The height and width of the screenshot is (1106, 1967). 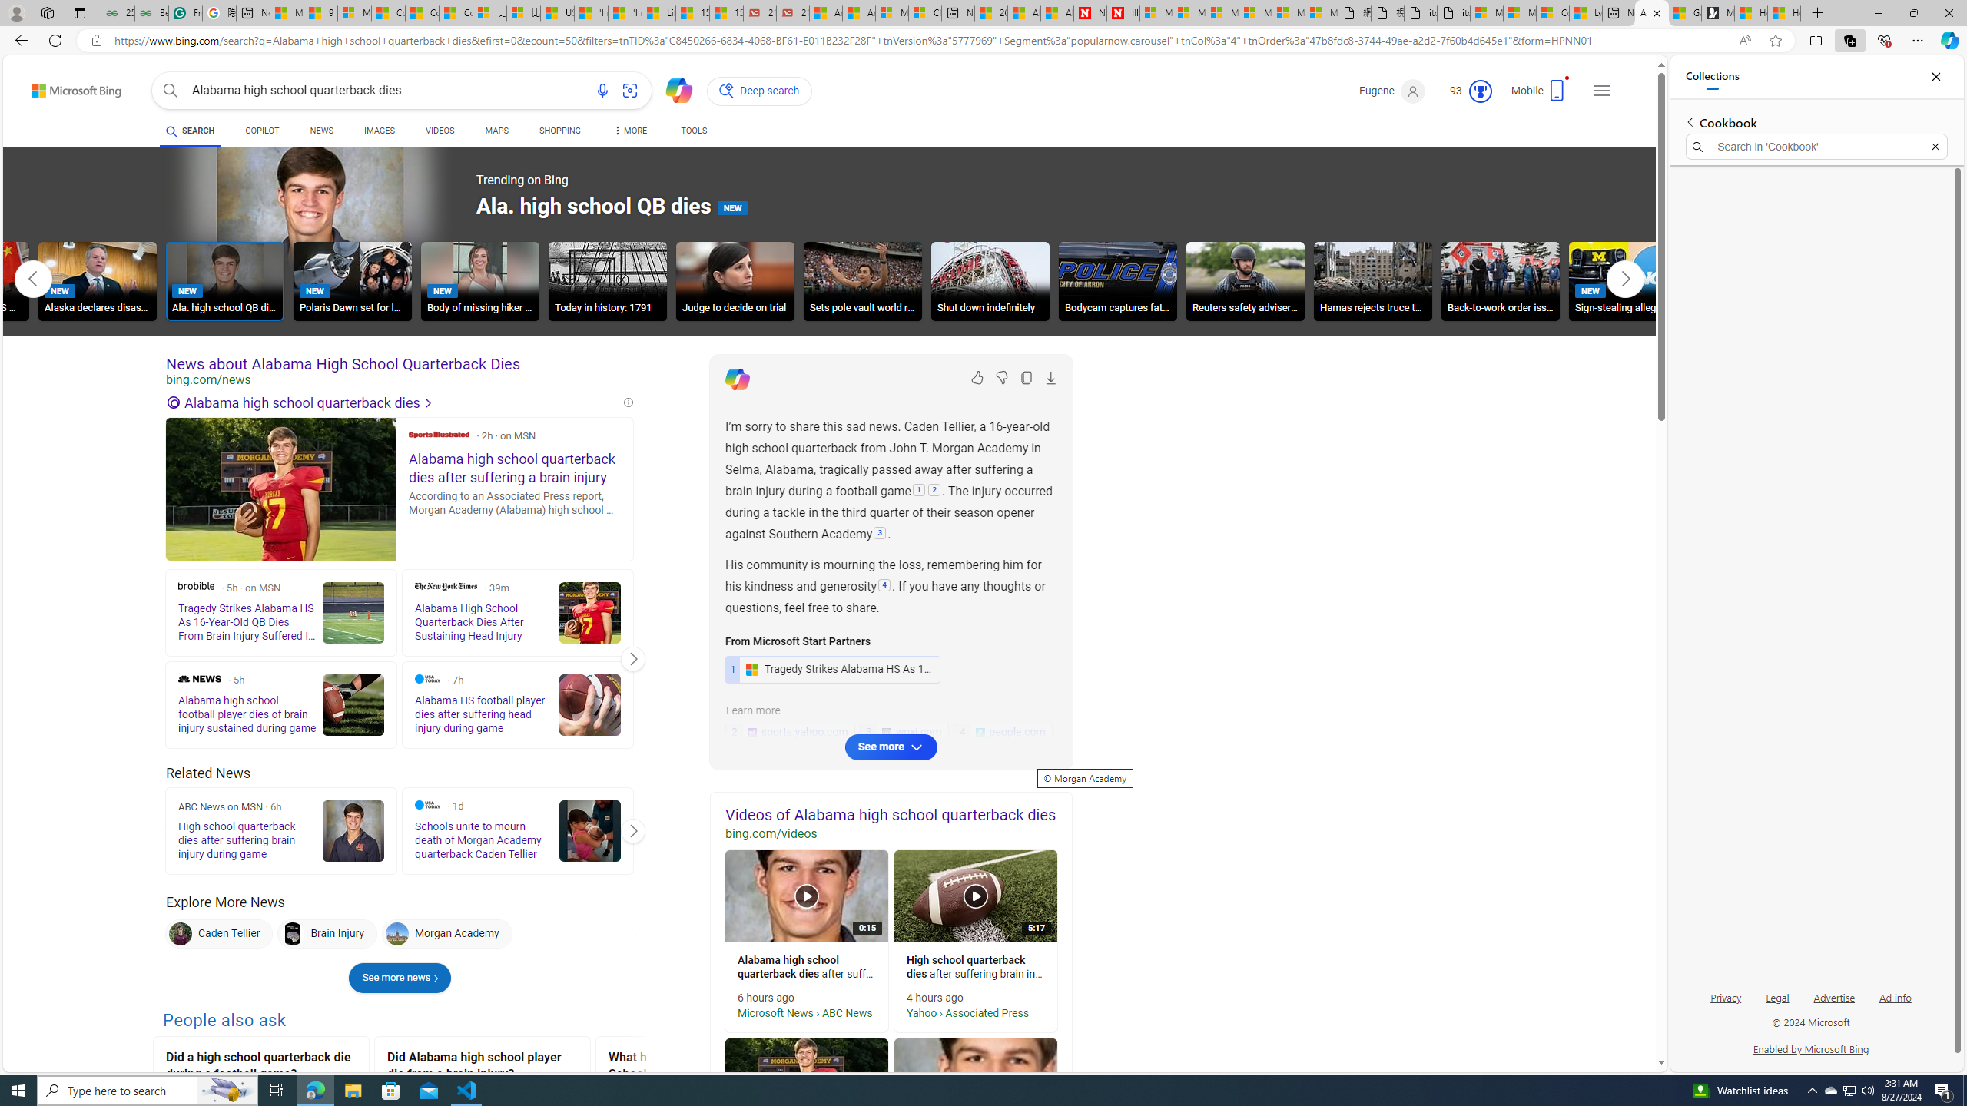 I want to click on 'Bodycam captures fatal shot', so click(x=1117, y=280).